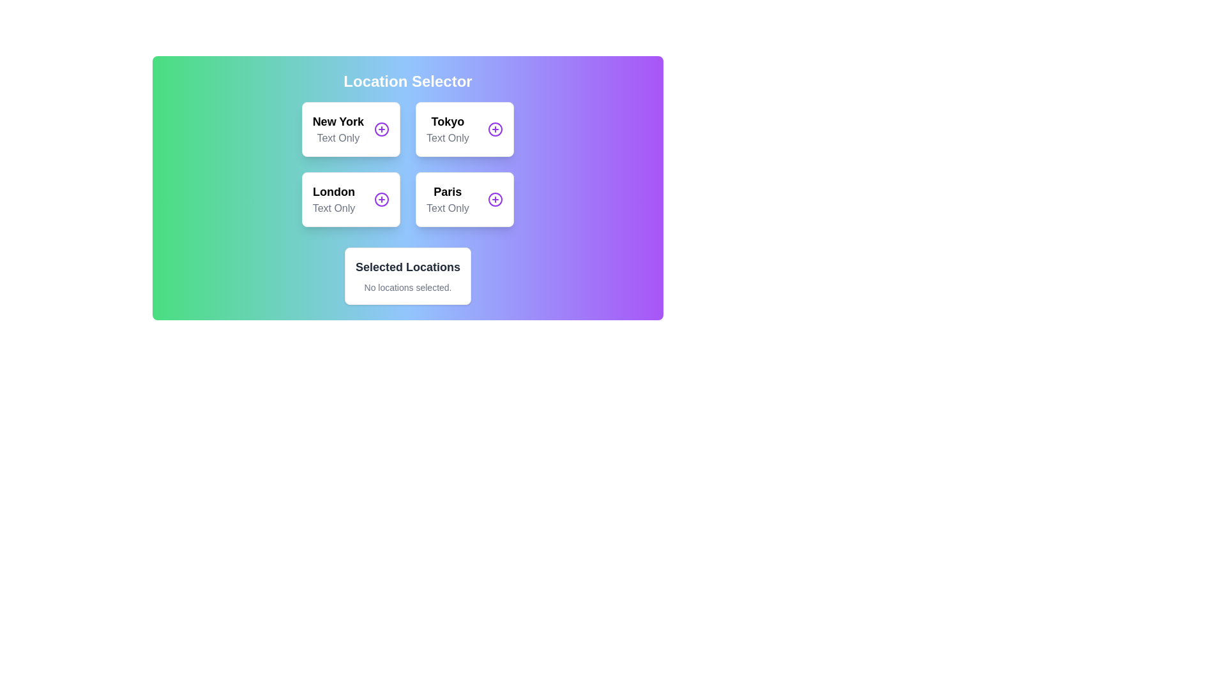 This screenshot has width=1226, height=689. I want to click on the 'Tokyo' location card in the grid layout, so click(448, 130).